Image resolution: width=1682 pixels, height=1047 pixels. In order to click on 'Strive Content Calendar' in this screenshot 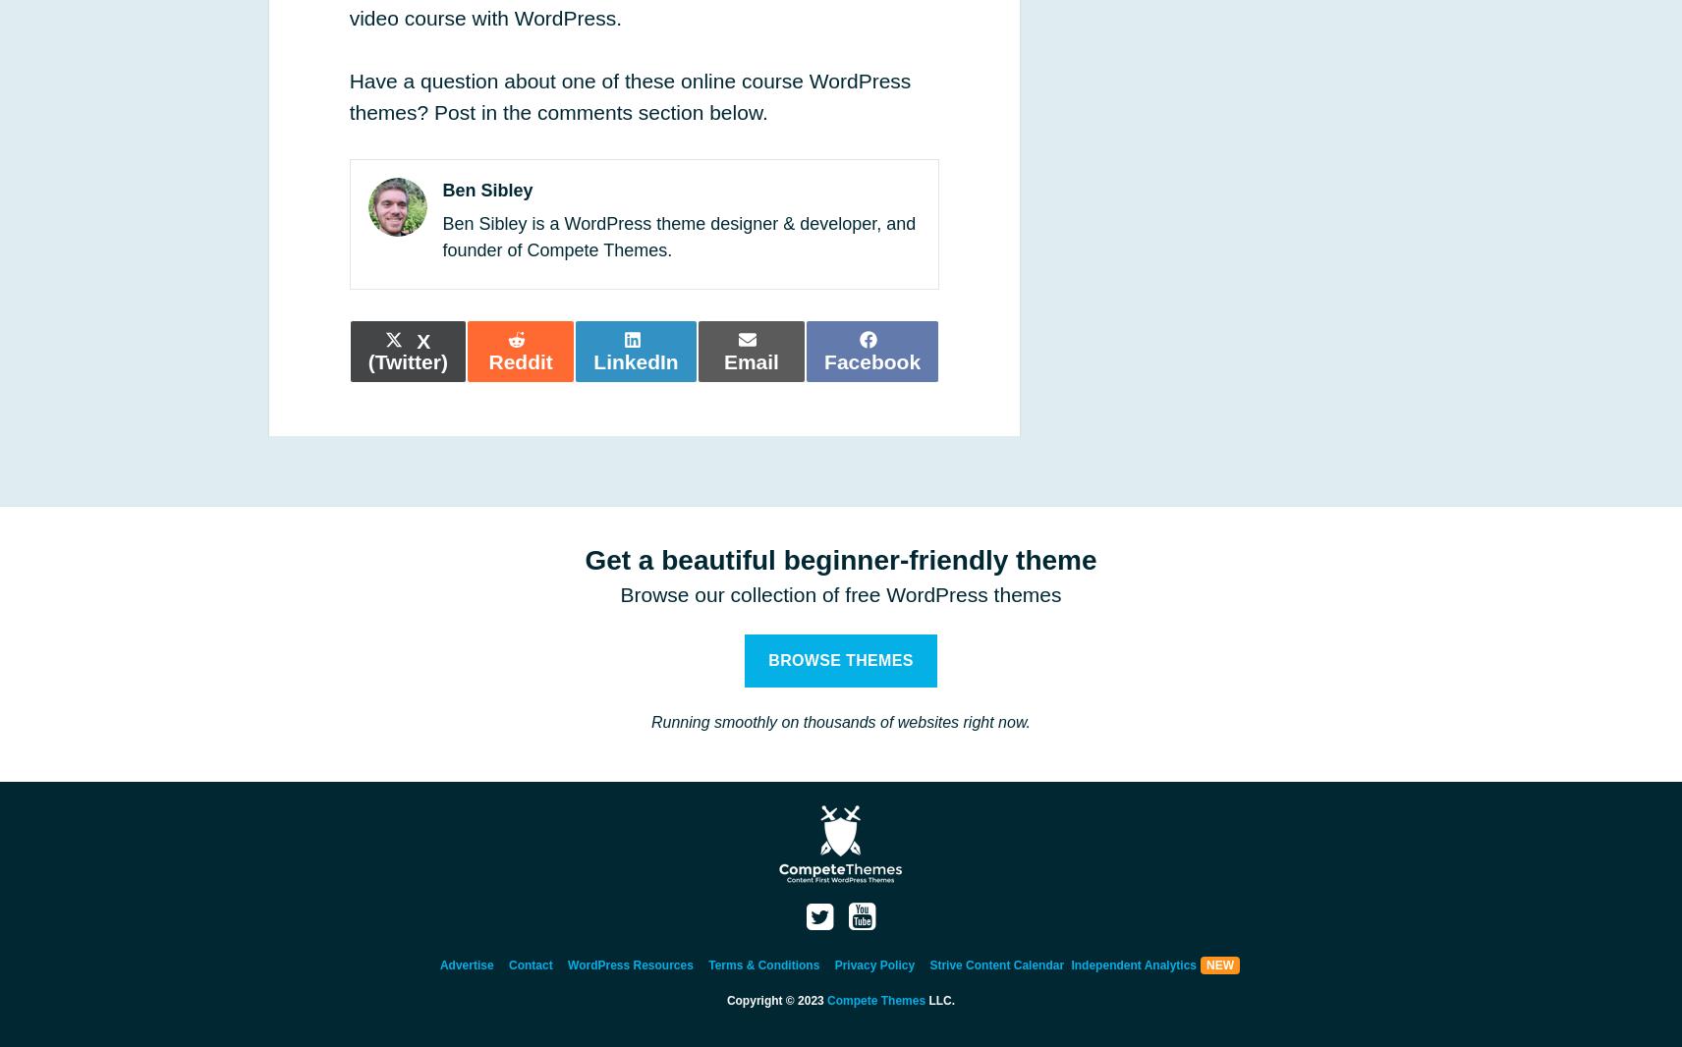, I will do `click(995, 964)`.